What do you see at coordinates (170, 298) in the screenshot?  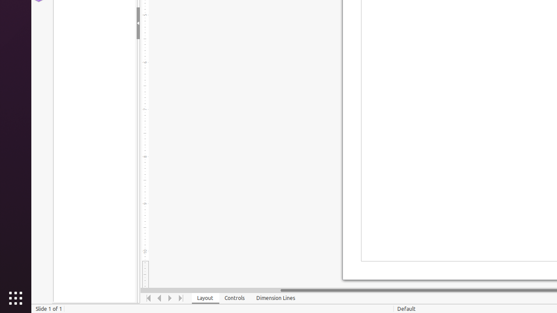 I see `'Move Right'` at bounding box center [170, 298].